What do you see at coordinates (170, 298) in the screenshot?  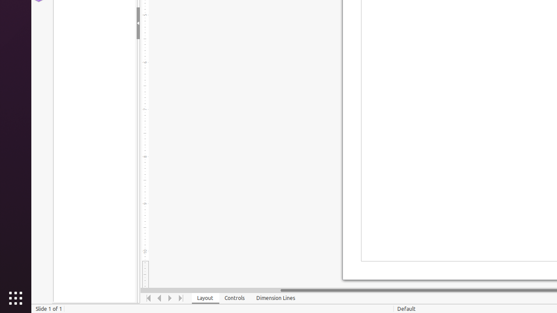 I see `'Move Right'` at bounding box center [170, 298].